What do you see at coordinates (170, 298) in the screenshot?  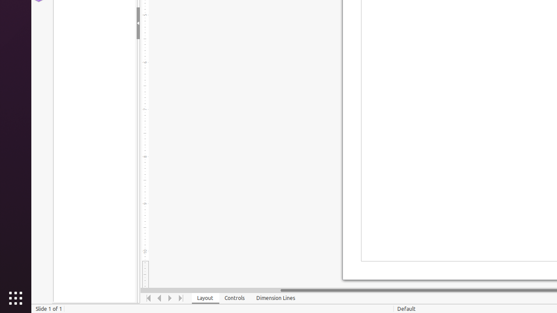 I see `'Move Right'` at bounding box center [170, 298].